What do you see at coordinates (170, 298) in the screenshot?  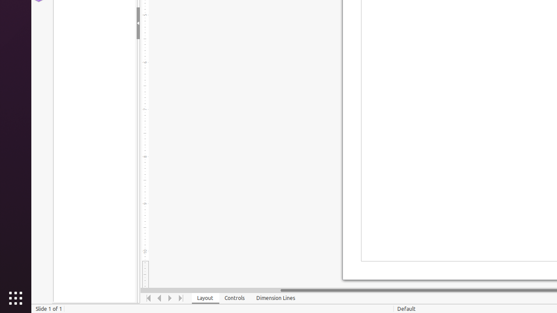 I see `'Move Right'` at bounding box center [170, 298].